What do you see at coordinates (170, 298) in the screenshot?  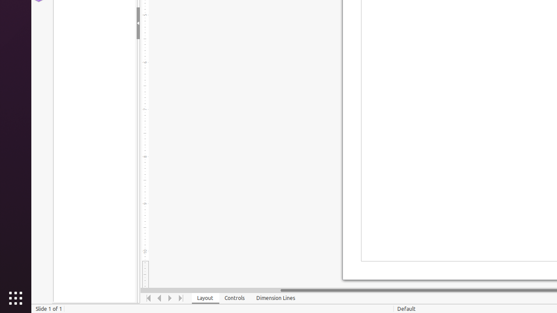 I see `'Move Right'` at bounding box center [170, 298].